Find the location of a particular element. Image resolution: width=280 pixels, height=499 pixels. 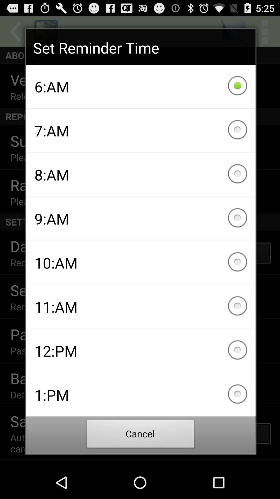

checkbox below the 1:pm icon is located at coordinates (141, 435).